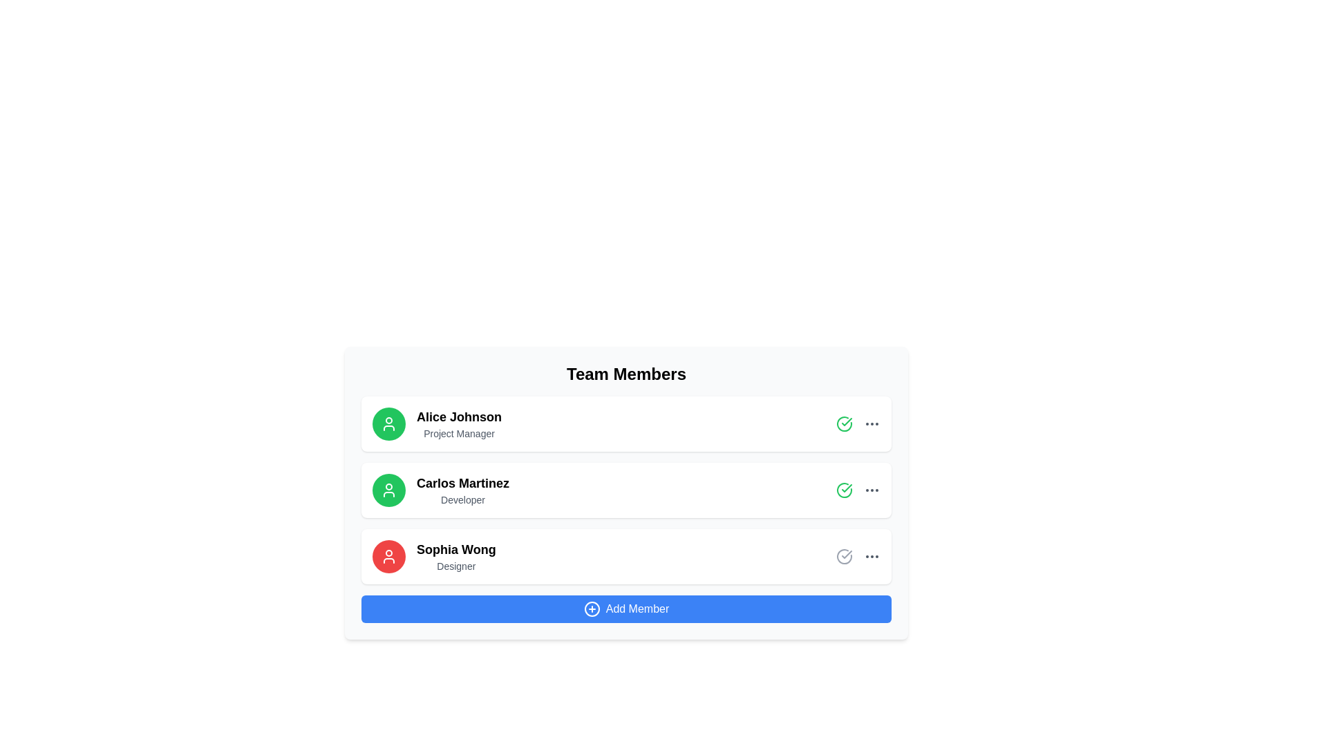 Image resolution: width=1327 pixels, height=746 pixels. Describe the element at coordinates (459, 417) in the screenshot. I see `the text display element that shows the name 'Alice Johnson', which serves as the header for the user's profile entry` at that location.